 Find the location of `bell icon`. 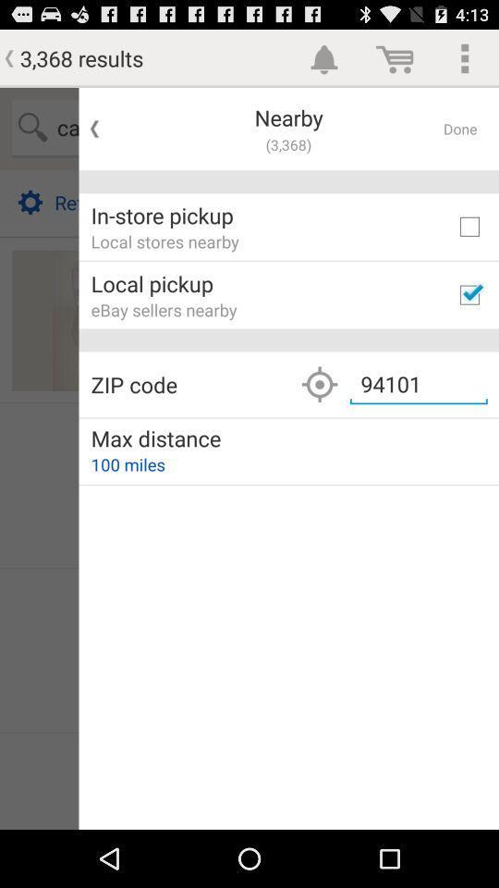

bell icon is located at coordinates (324, 57).